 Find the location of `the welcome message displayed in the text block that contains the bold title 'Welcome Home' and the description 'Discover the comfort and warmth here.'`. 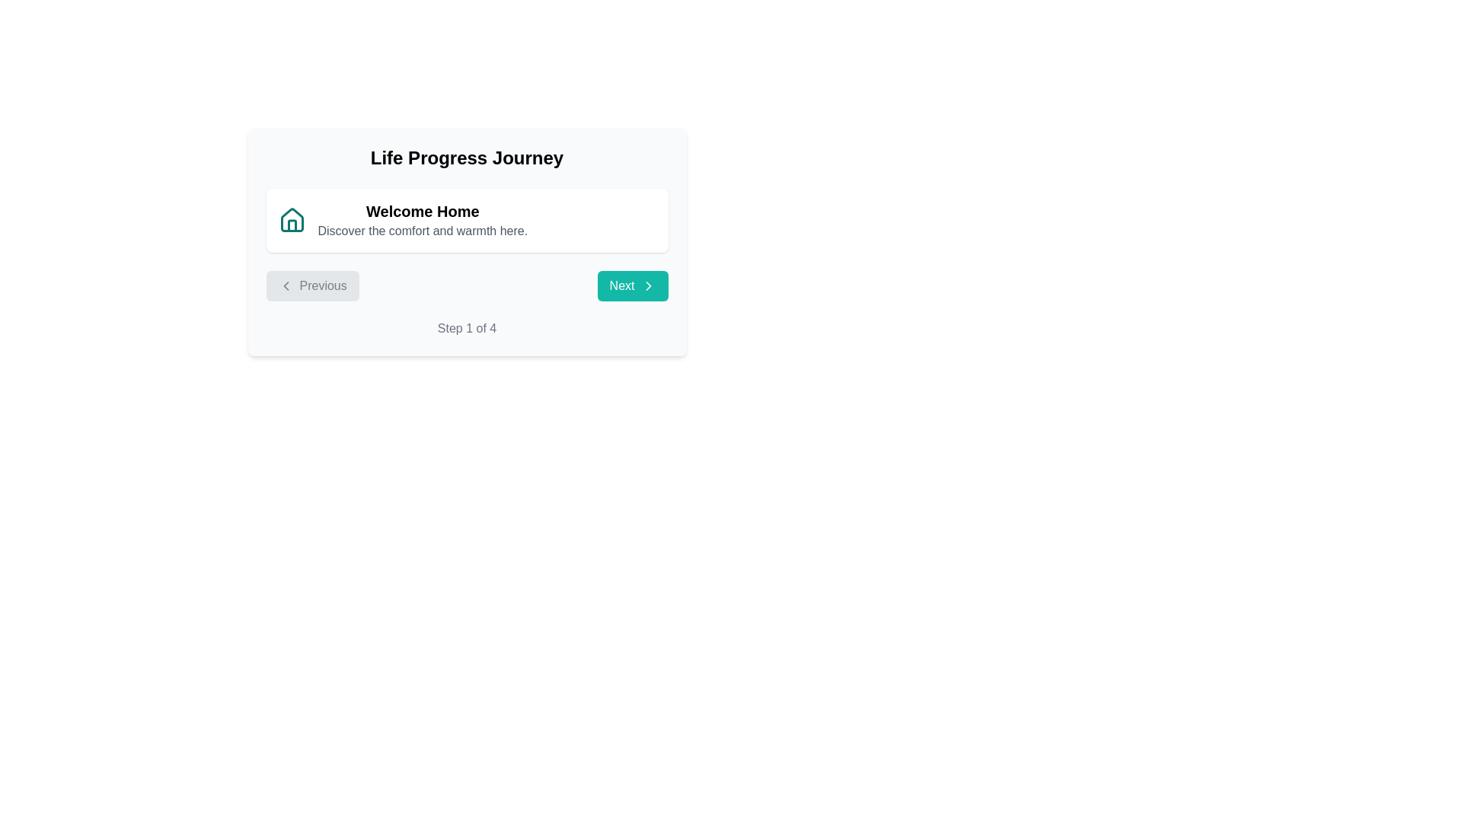

the welcome message displayed in the text block that contains the bold title 'Welcome Home' and the description 'Discover the comfort and warmth here.' is located at coordinates (423, 220).